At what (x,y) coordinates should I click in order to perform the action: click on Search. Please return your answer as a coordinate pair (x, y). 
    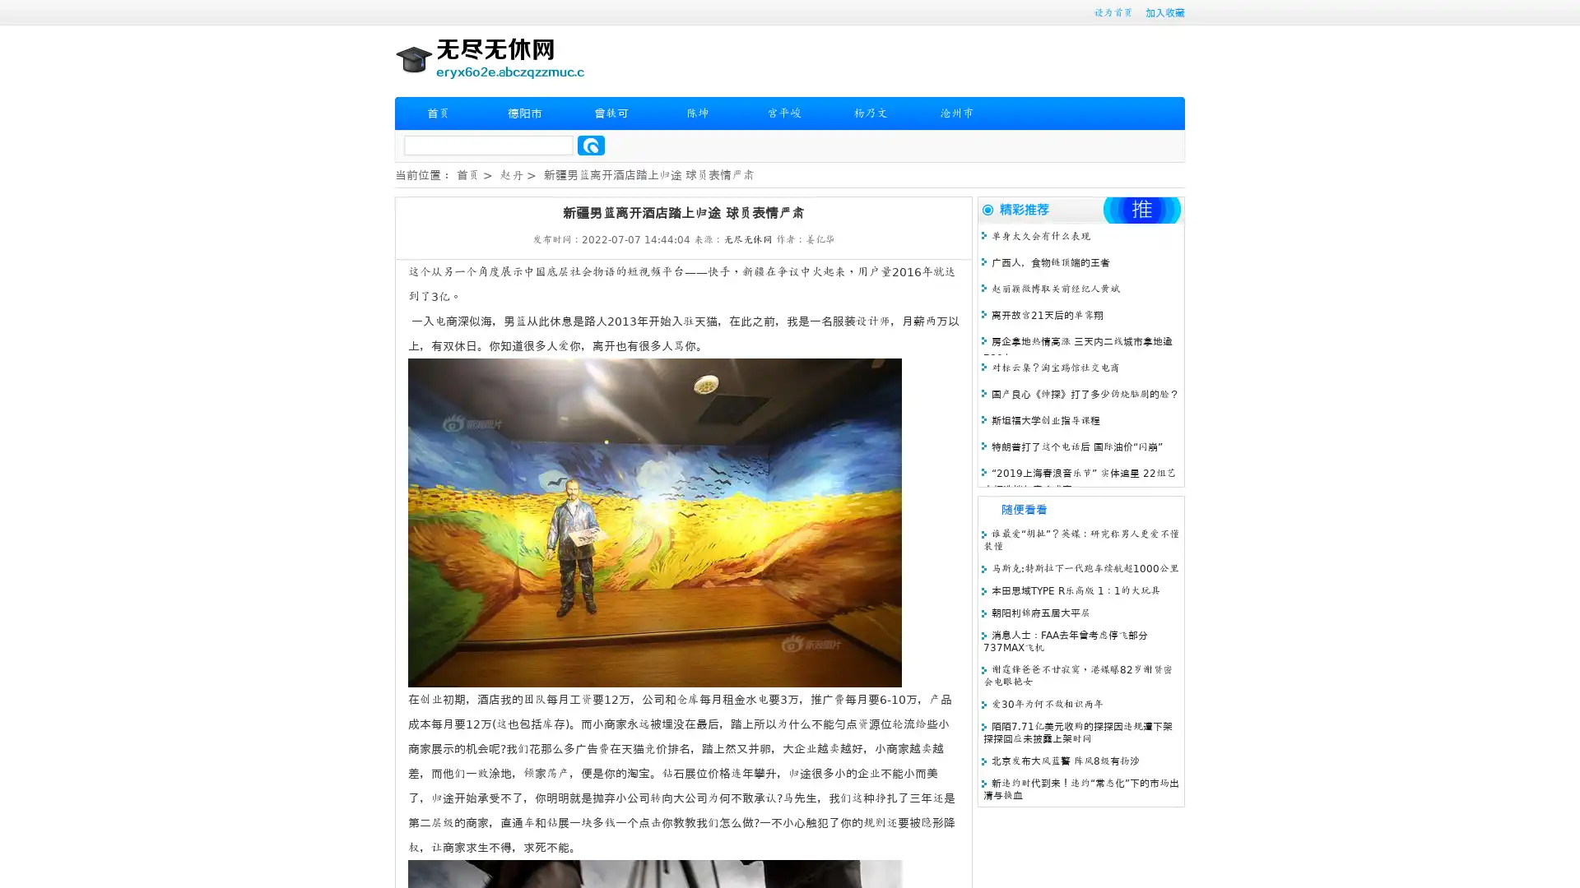
    Looking at the image, I should click on (591, 145).